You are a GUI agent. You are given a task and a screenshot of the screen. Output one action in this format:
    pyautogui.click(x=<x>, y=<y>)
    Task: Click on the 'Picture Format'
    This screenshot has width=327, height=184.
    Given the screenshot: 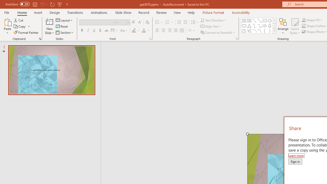 What is the action you would take?
    pyautogui.click(x=213, y=12)
    